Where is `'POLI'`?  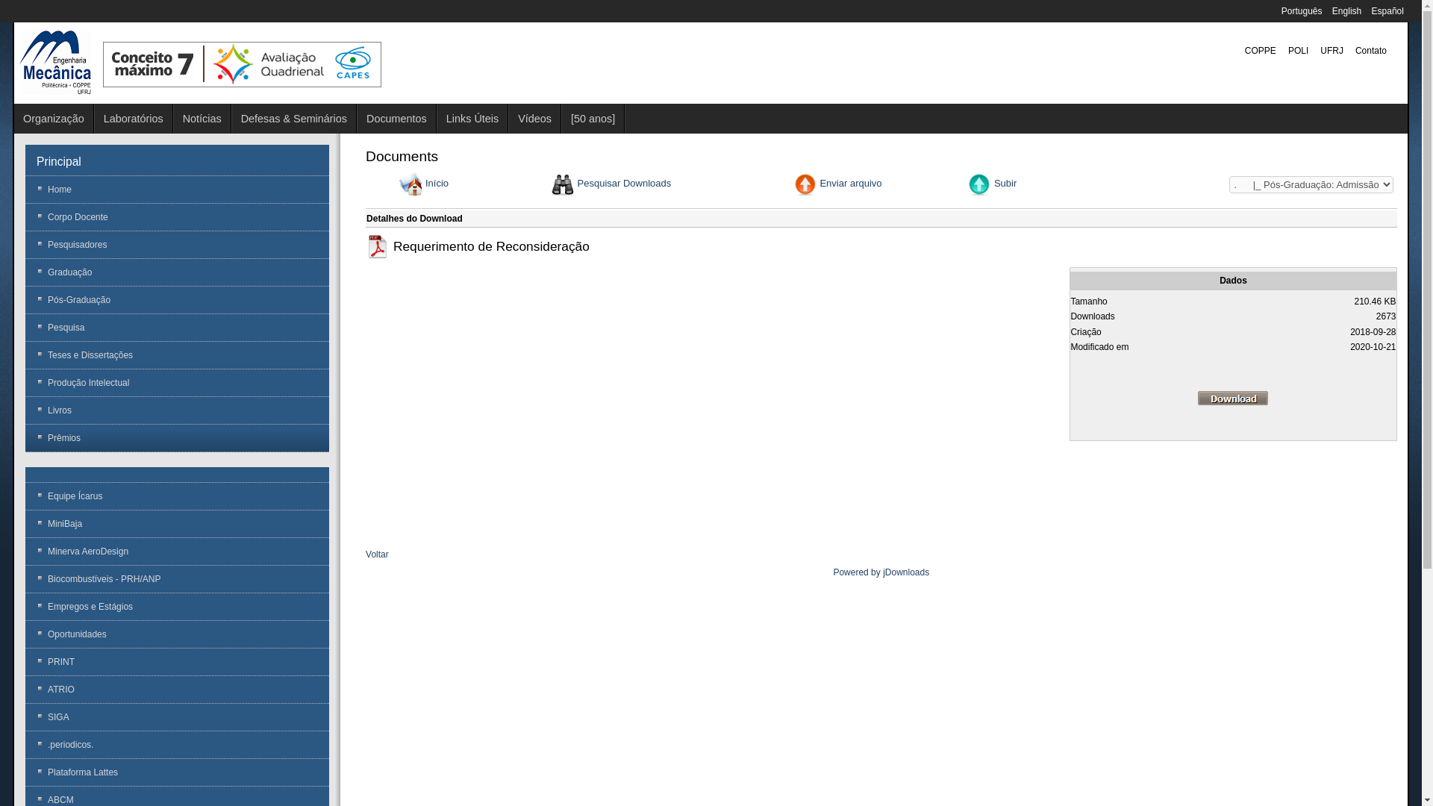
'POLI' is located at coordinates (1297, 50).